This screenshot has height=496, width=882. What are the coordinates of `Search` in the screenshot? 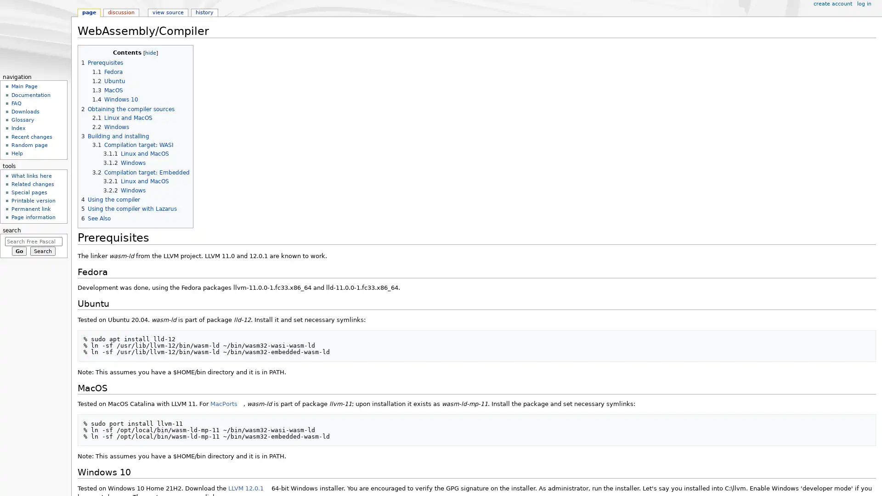 It's located at (42, 251).